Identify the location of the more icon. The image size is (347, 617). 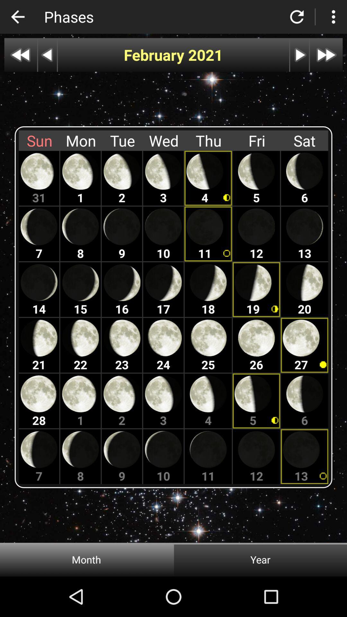
(333, 17).